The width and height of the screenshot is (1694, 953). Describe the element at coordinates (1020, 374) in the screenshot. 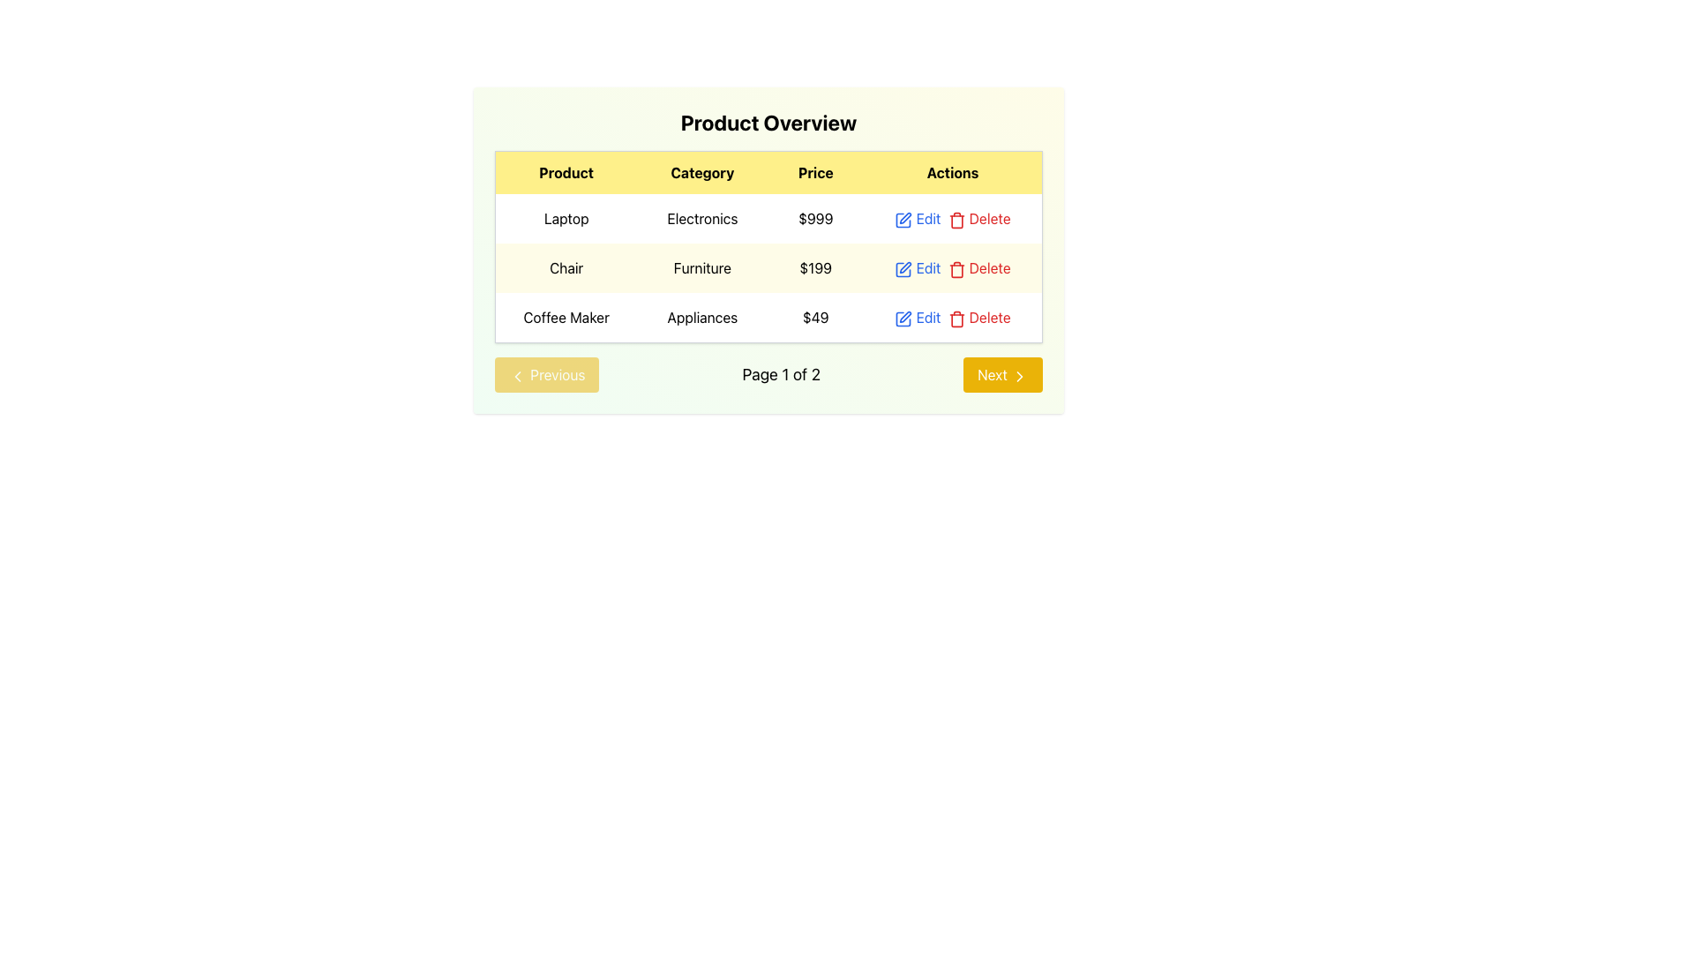

I see `the 'Next' button using keyboard navigation` at that location.